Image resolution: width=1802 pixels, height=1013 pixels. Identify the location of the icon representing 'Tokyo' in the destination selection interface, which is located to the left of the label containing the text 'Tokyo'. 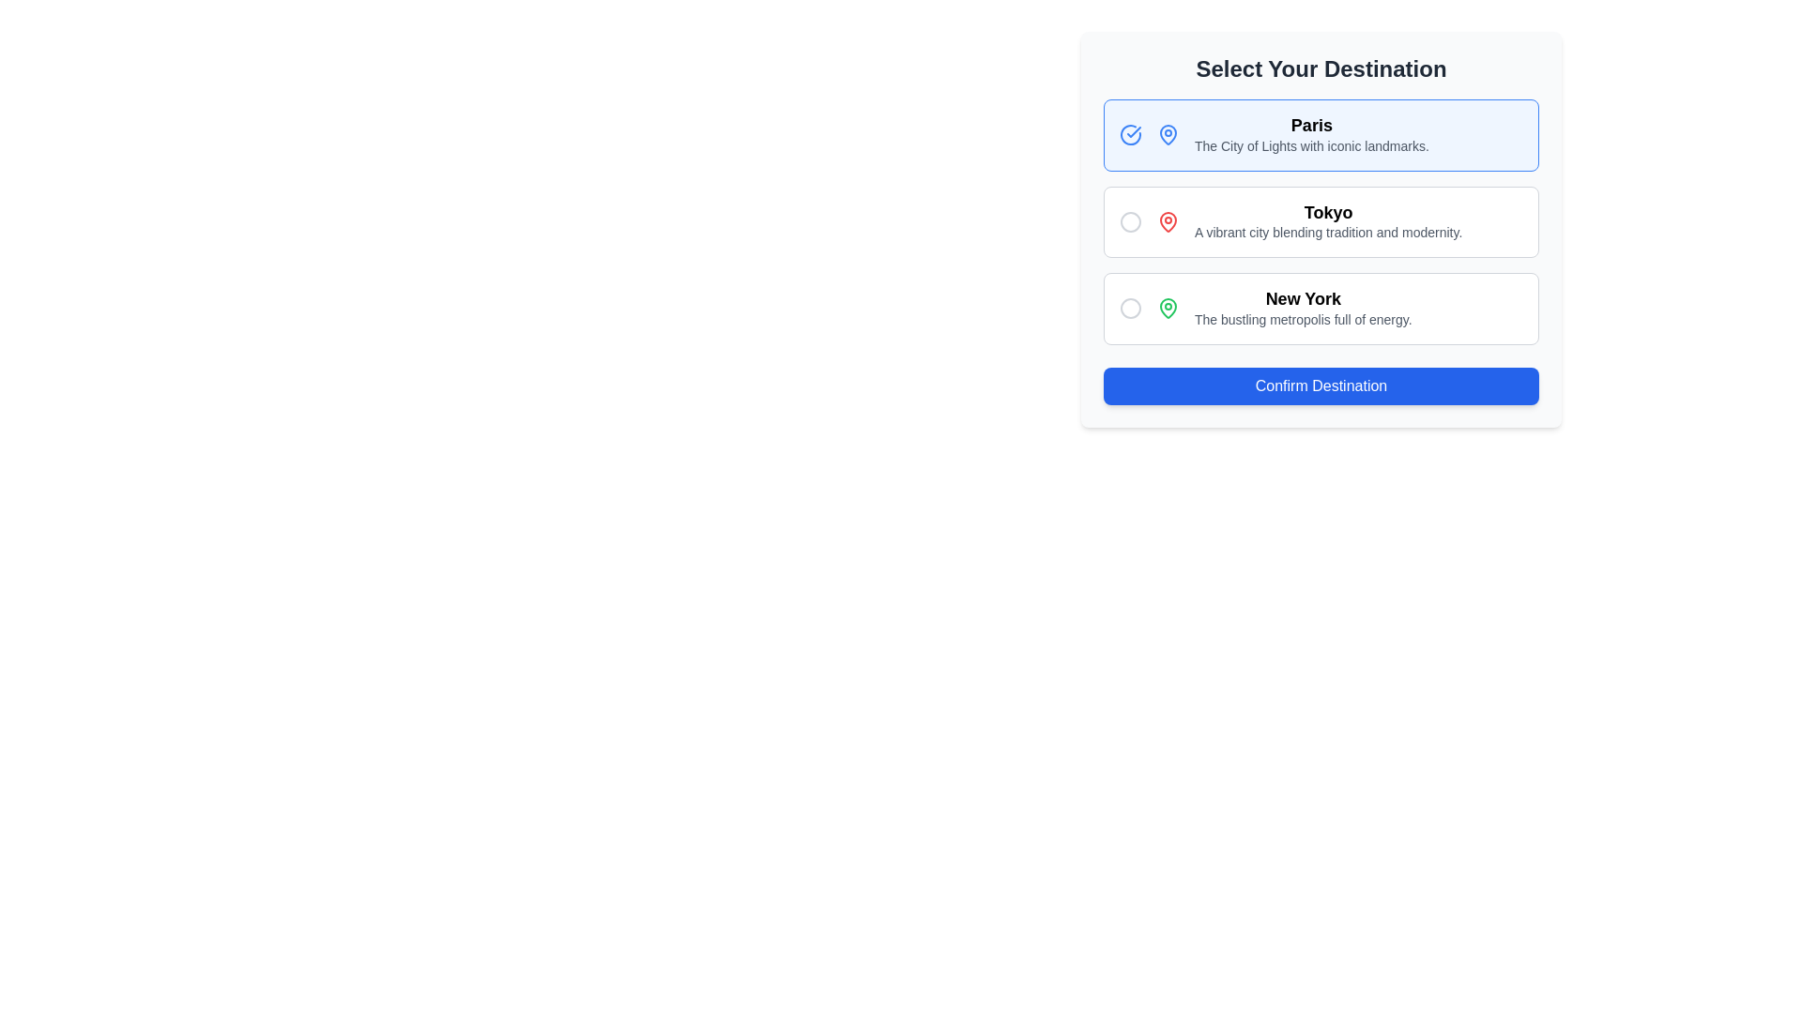
(1167, 220).